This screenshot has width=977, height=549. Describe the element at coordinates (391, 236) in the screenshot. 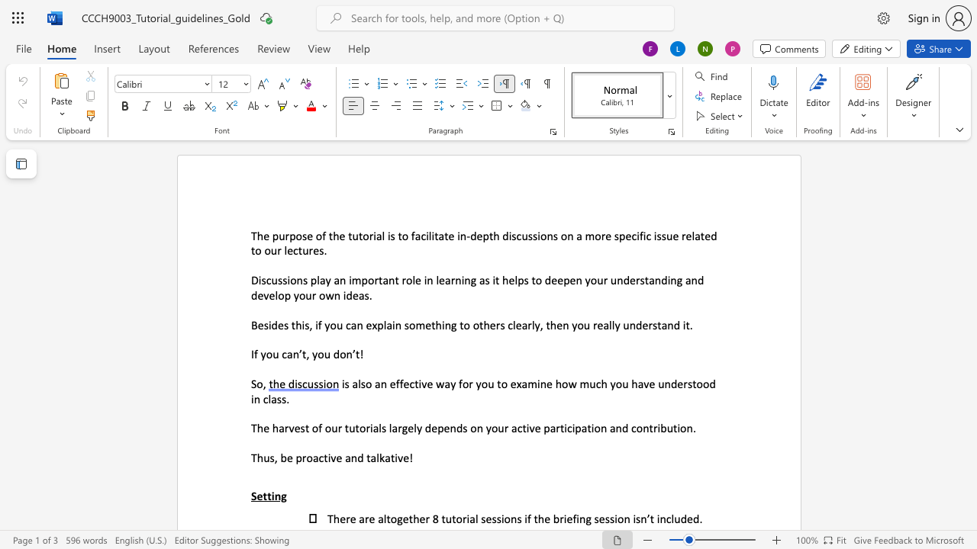

I see `the space between the continuous character "i" and "s" in the text` at that location.